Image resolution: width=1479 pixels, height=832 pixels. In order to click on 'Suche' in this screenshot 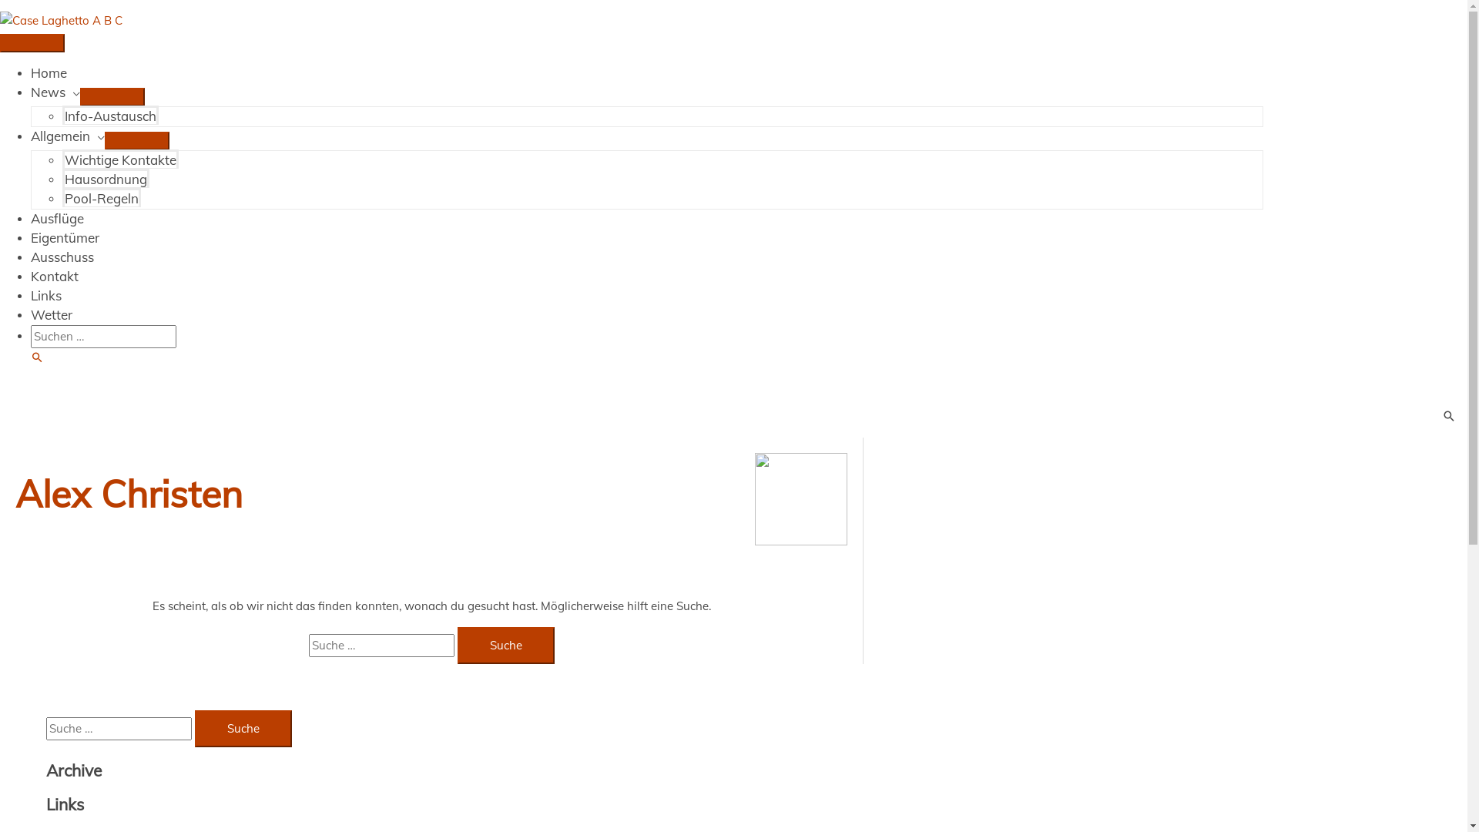, I will do `click(30, 357)`.